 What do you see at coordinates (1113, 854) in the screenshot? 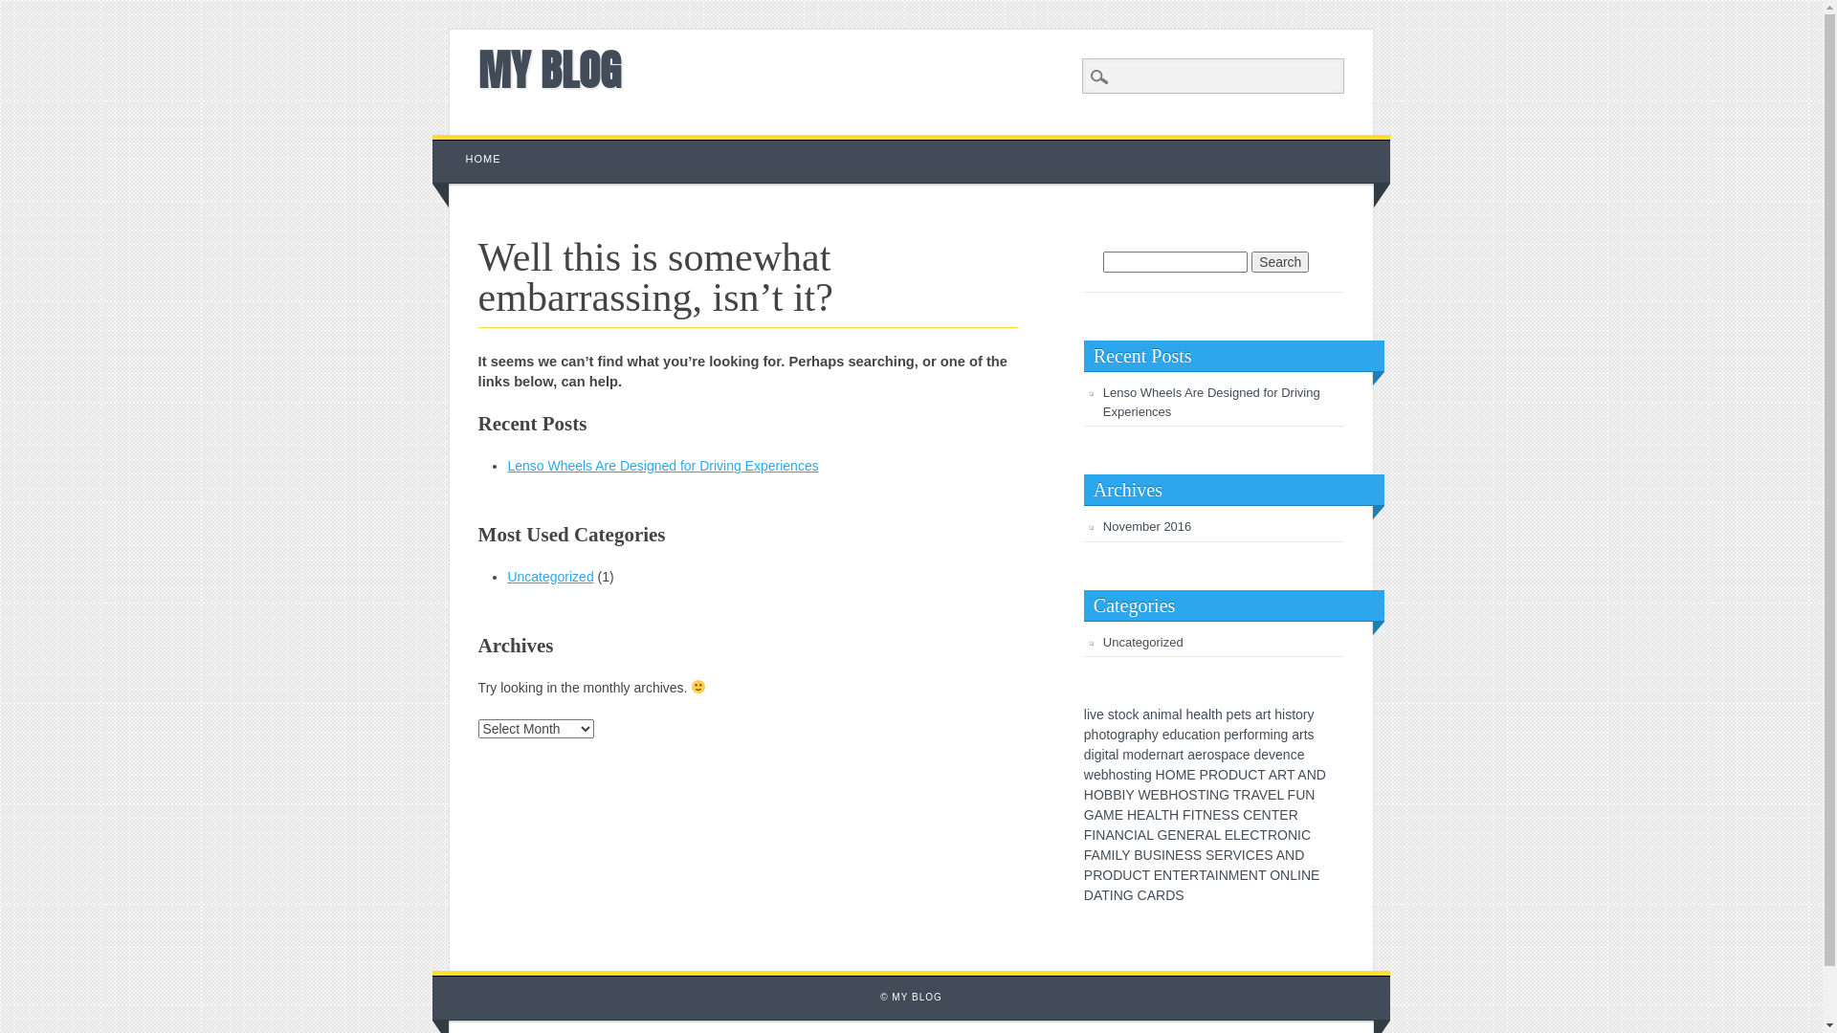
I see `'I'` at bounding box center [1113, 854].